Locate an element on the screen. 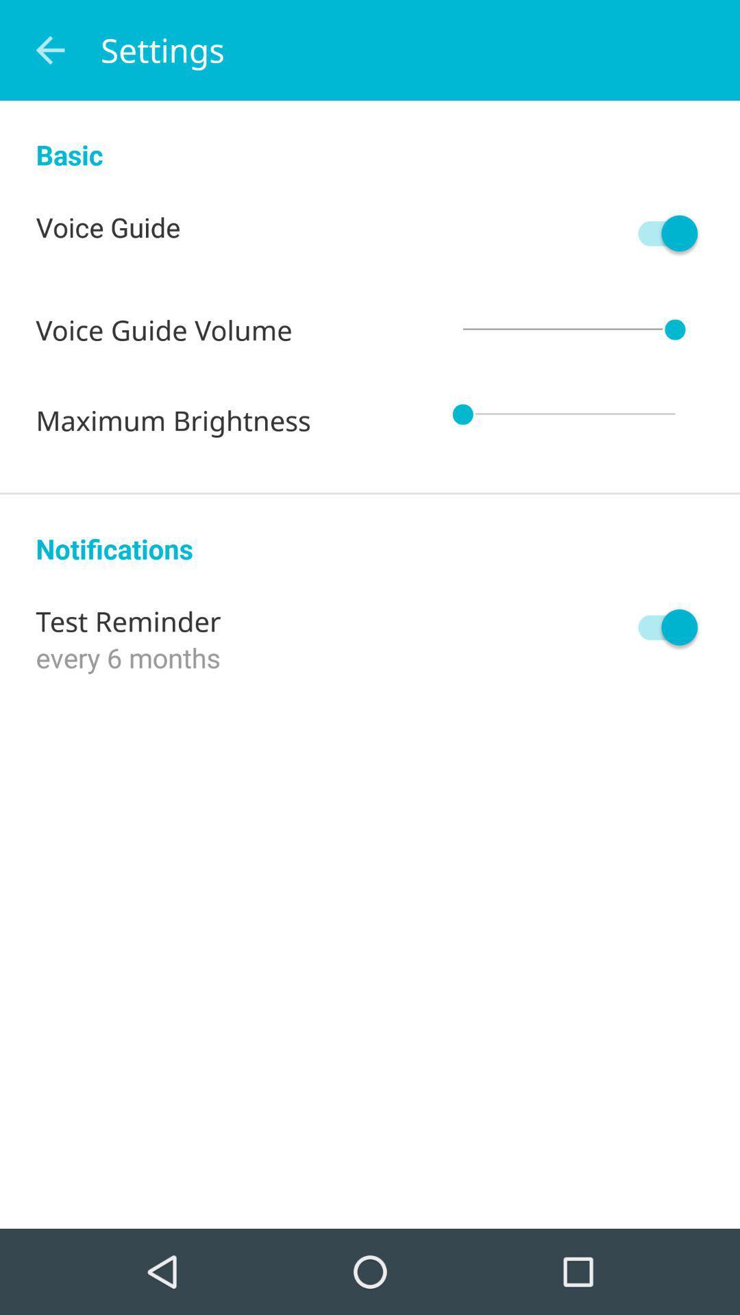 Image resolution: width=740 pixels, height=1315 pixels. icon to the left of settings icon is located at coordinates (49, 50).